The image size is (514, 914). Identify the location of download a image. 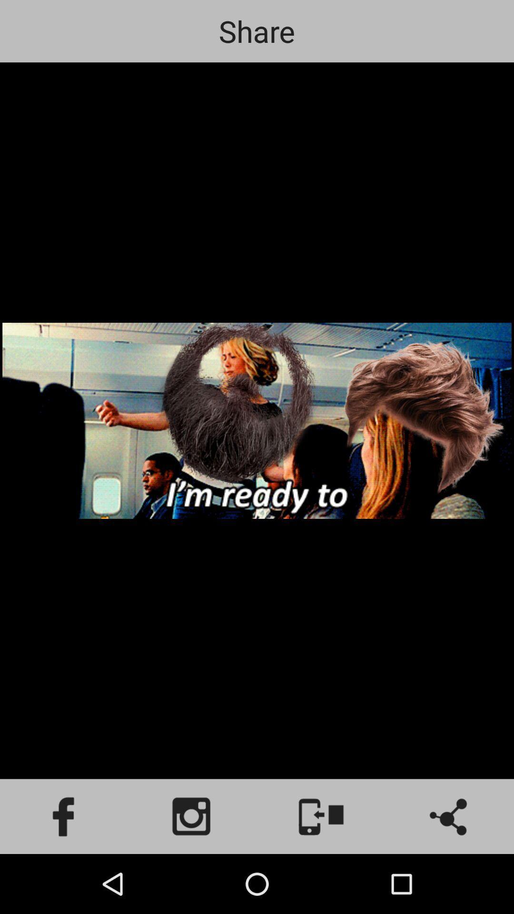
(321, 816).